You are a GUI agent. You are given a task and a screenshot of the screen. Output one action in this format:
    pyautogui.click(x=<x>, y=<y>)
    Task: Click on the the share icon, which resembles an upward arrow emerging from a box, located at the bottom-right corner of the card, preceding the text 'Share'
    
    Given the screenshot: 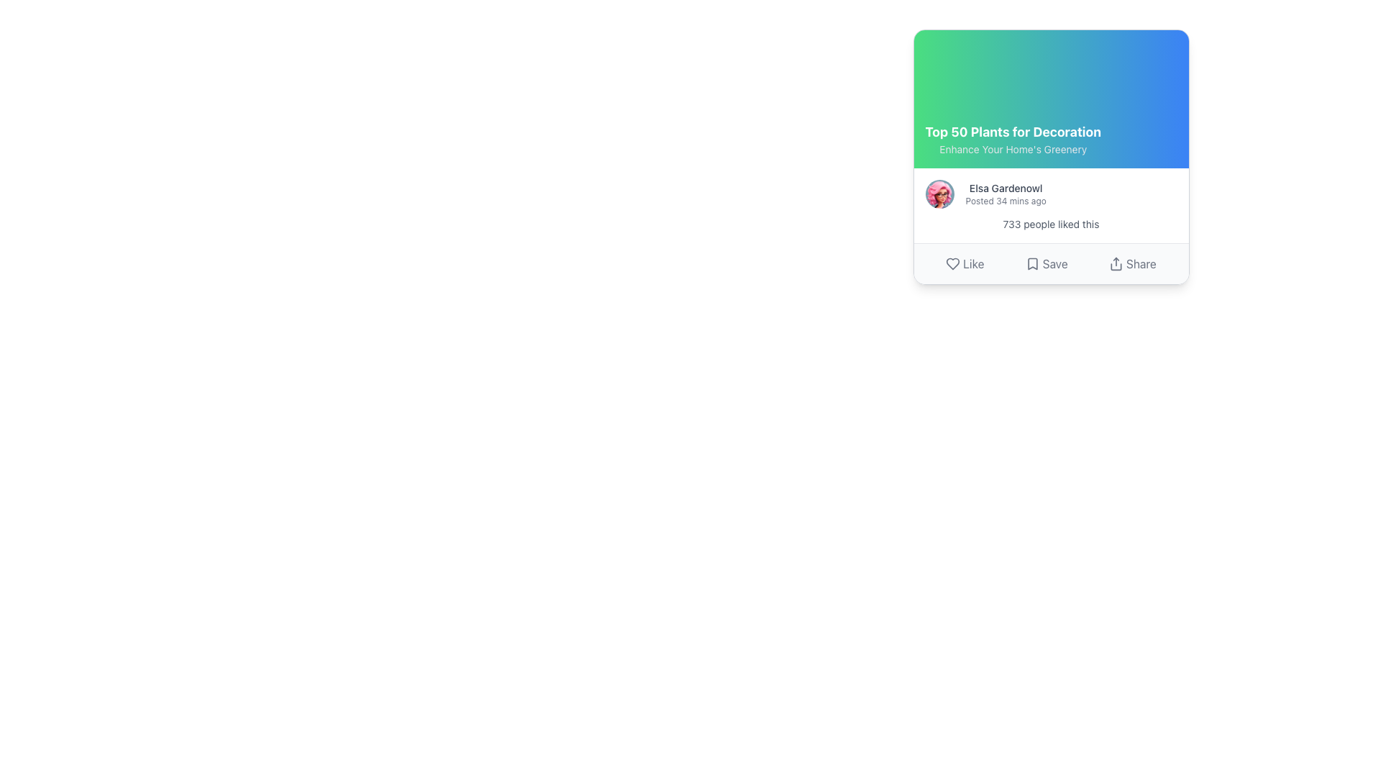 What is the action you would take?
    pyautogui.click(x=1115, y=263)
    